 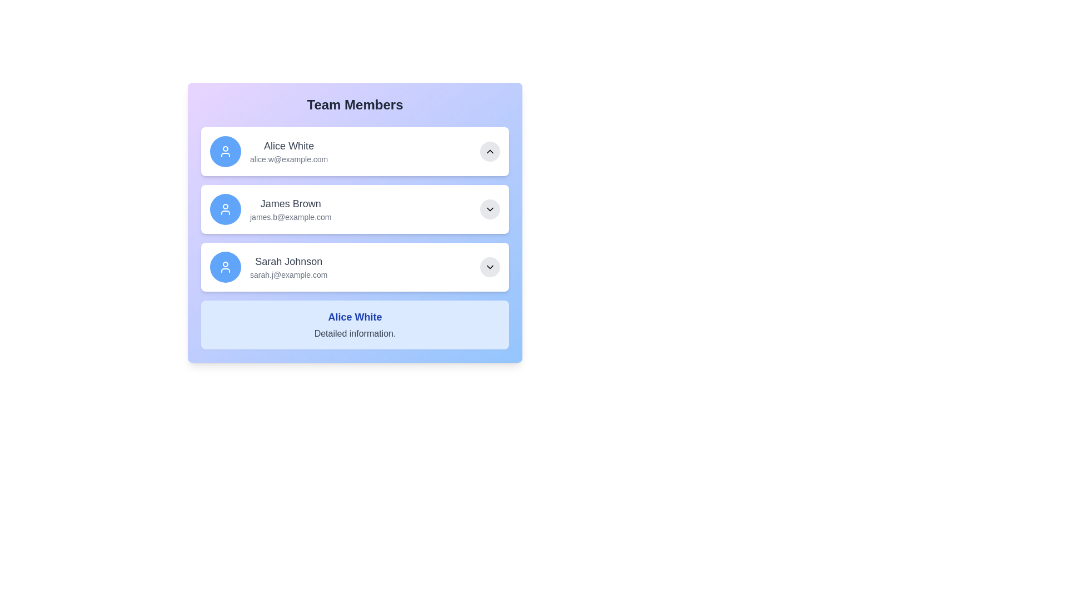 What do you see at coordinates (288, 261) in the screenshot?
I see `name displayed in the text label for the team member, 'Sarah Johnson,' located in the third card of the team members list, positioned to the right of the user avatar icon and above the user's email address` at bounding box center [288, 261].